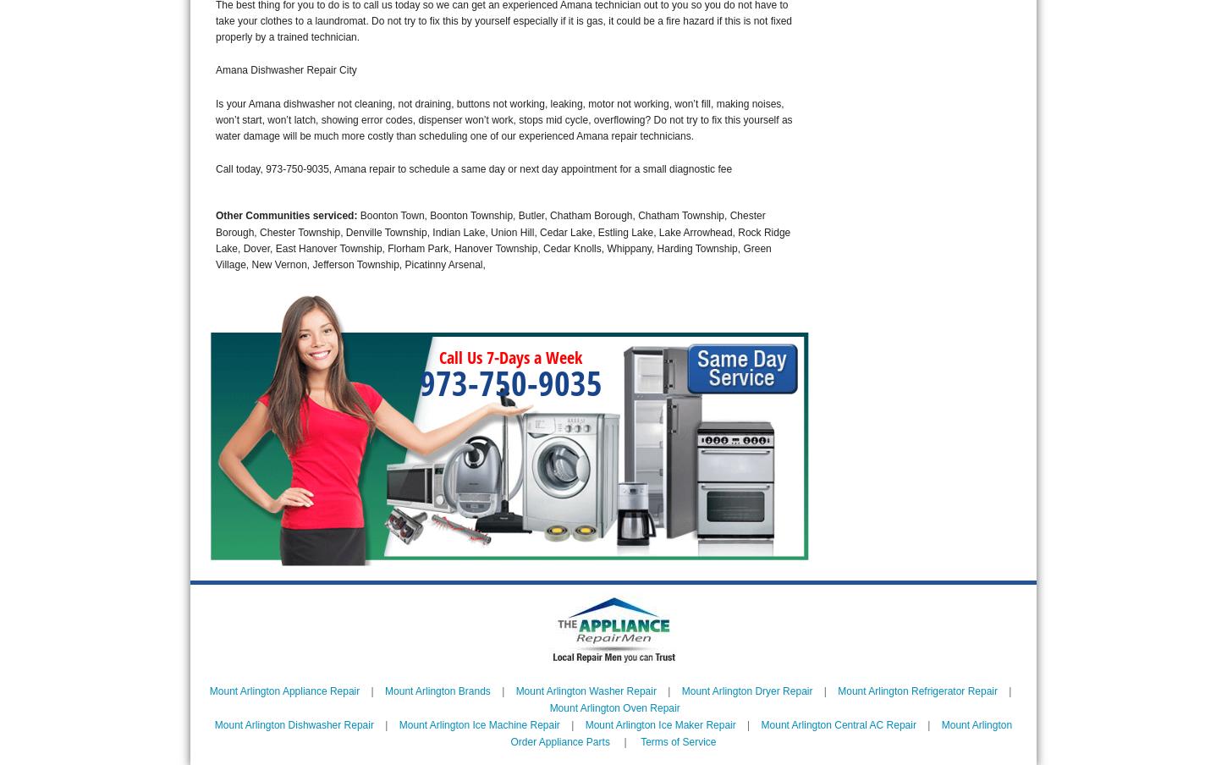  Describe the element at coordinates (510, 733) in the screenshot. I see `'Mount Arlington Order Appliance Parts'` at that location.